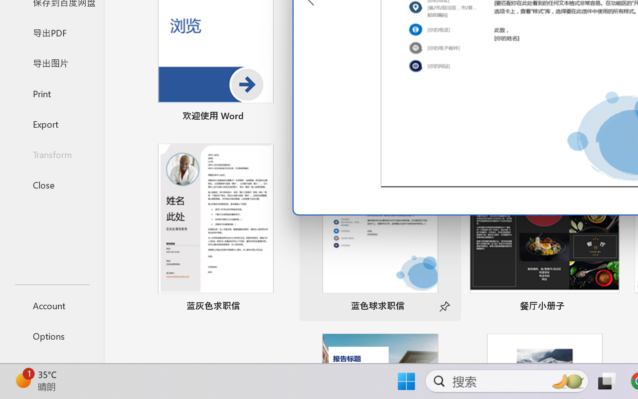 The image size is (638, 399). Describe the element at coordinates (51, 123) in the screenshot. I see `'Export'` at that location.